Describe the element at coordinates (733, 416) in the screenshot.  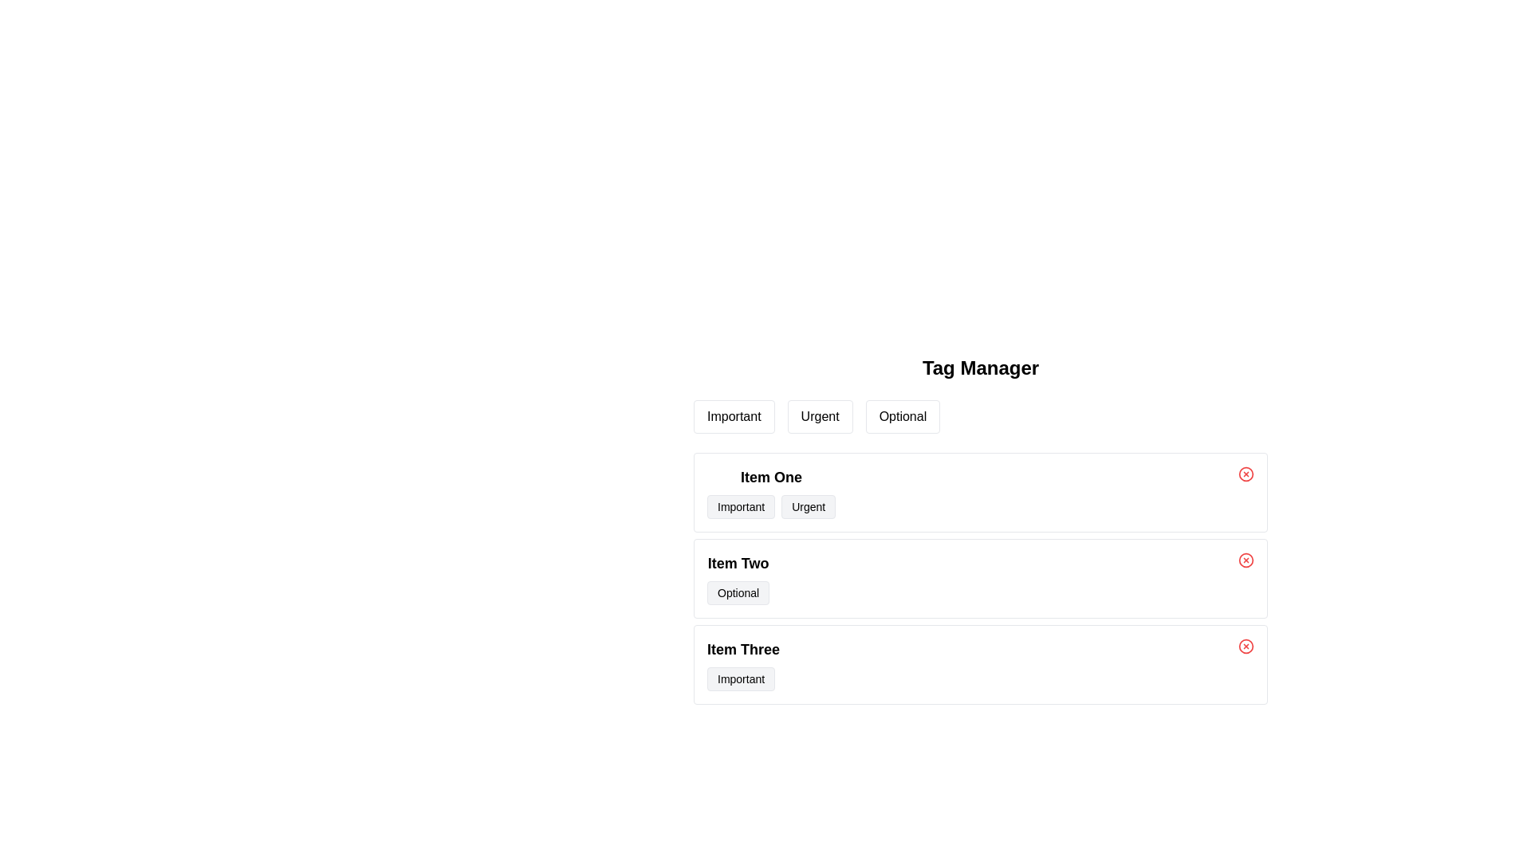
I see `the 'Important' button, which is a rectangular button with a white background and black text, located at the top-left of three horizontally-aligned buttons below the title 'Tag Manager'` at that location.